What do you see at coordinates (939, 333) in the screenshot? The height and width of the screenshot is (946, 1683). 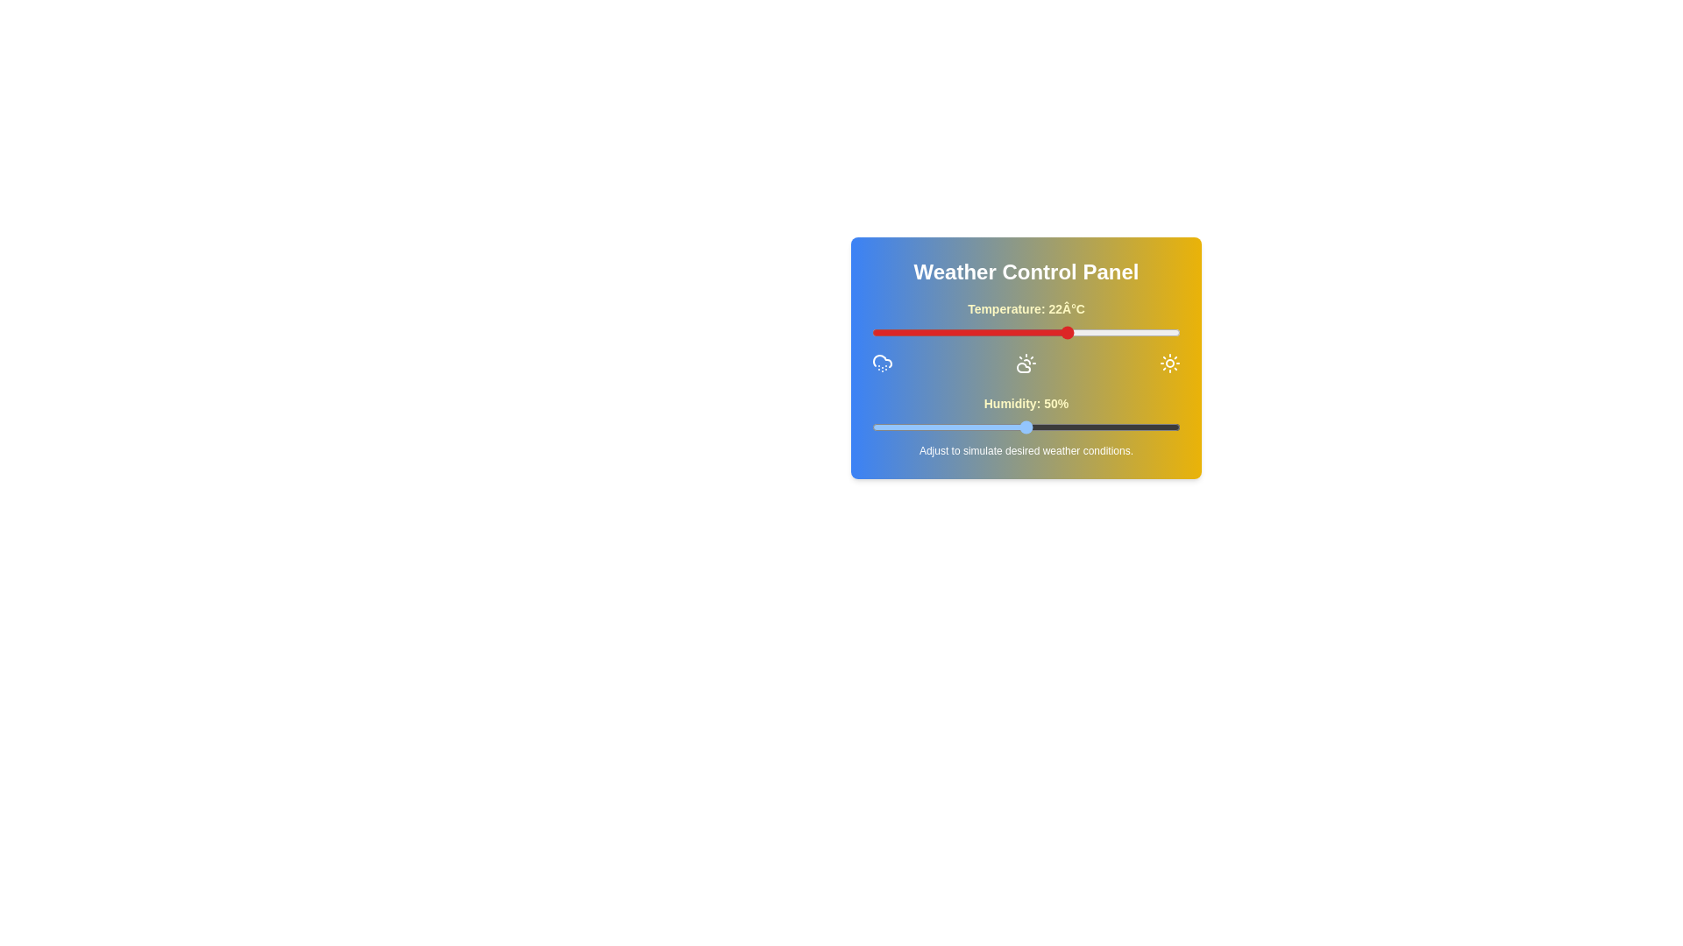 I see `temperature` at bounding box center [939, 333].